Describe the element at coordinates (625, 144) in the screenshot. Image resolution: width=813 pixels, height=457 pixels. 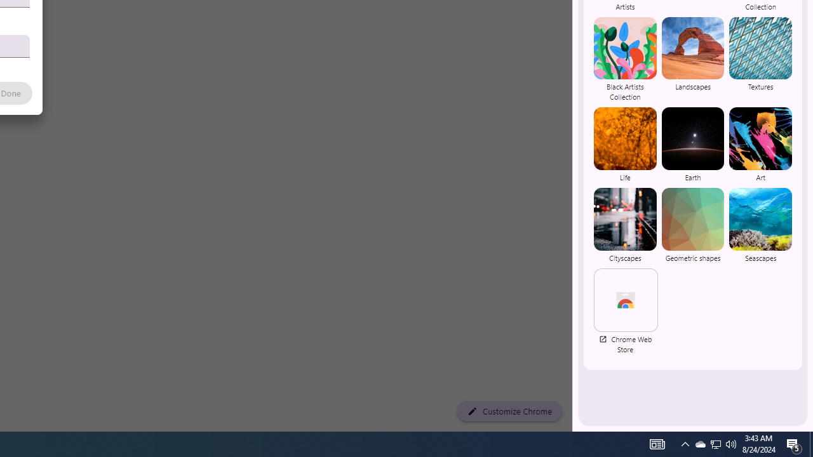
I see `'Life'` at that location.